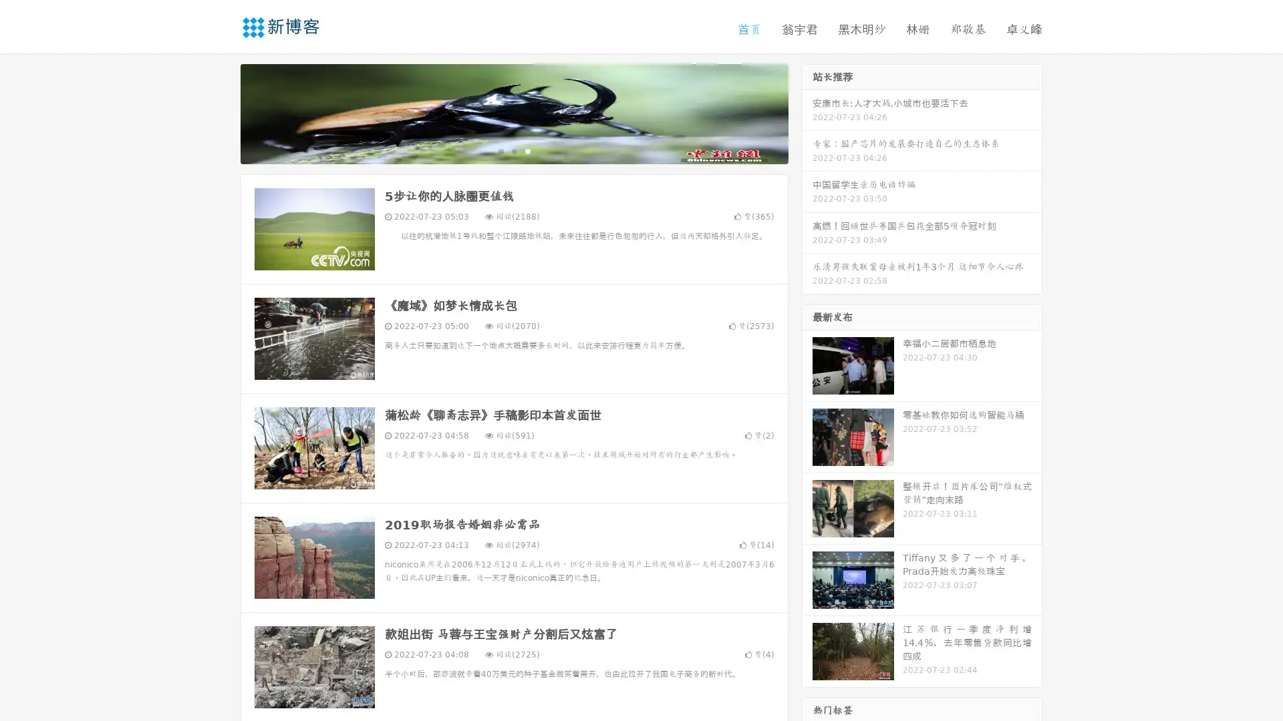  I want to click on Go to slide 2, so click(513, 150).